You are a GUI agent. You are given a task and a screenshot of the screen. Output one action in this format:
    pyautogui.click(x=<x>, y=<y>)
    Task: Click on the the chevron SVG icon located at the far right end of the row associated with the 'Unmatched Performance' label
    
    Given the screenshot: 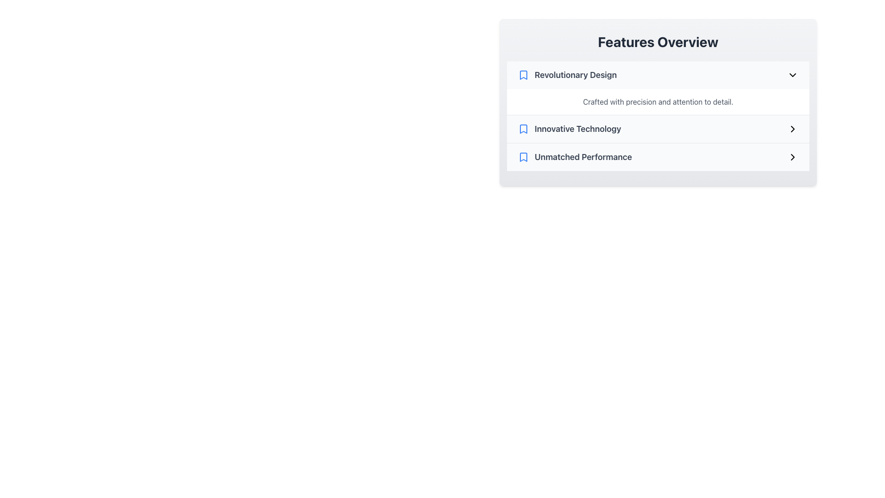 What is the action you would take?
    pyautogui.click(x=792, y=156)
    